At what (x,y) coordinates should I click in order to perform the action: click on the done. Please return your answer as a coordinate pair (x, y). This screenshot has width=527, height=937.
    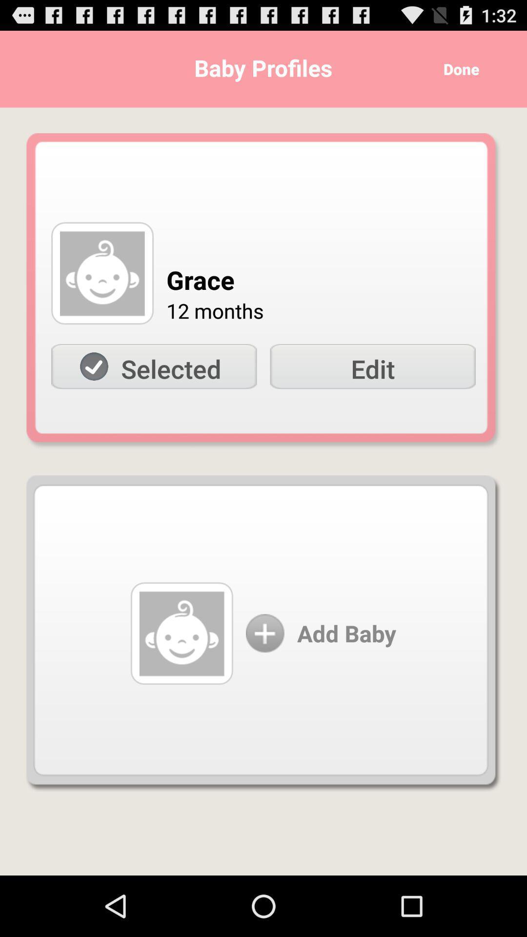
    Looking at the image, I should click on (458, 68).